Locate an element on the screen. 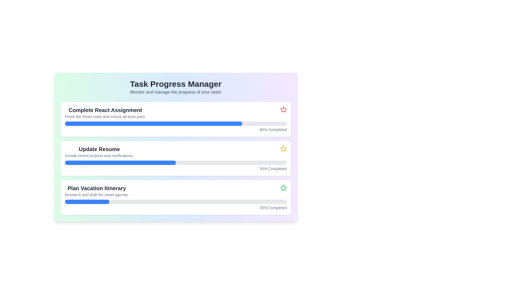 Image resolution: width=522 pixels, height=293 pixels. the blue rounded progress bar fill segment that visually represents a 20% progress under the 'Plan Vacation Itinerary' section is located at coordinates (87, 202).